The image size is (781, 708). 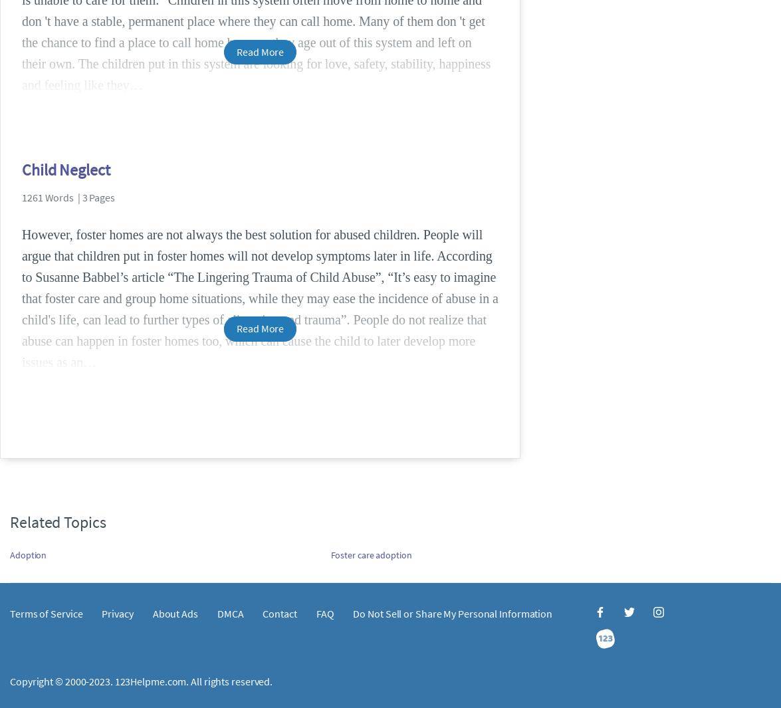 I want to click on 'Terms of Service', so click(x=46, y=612).